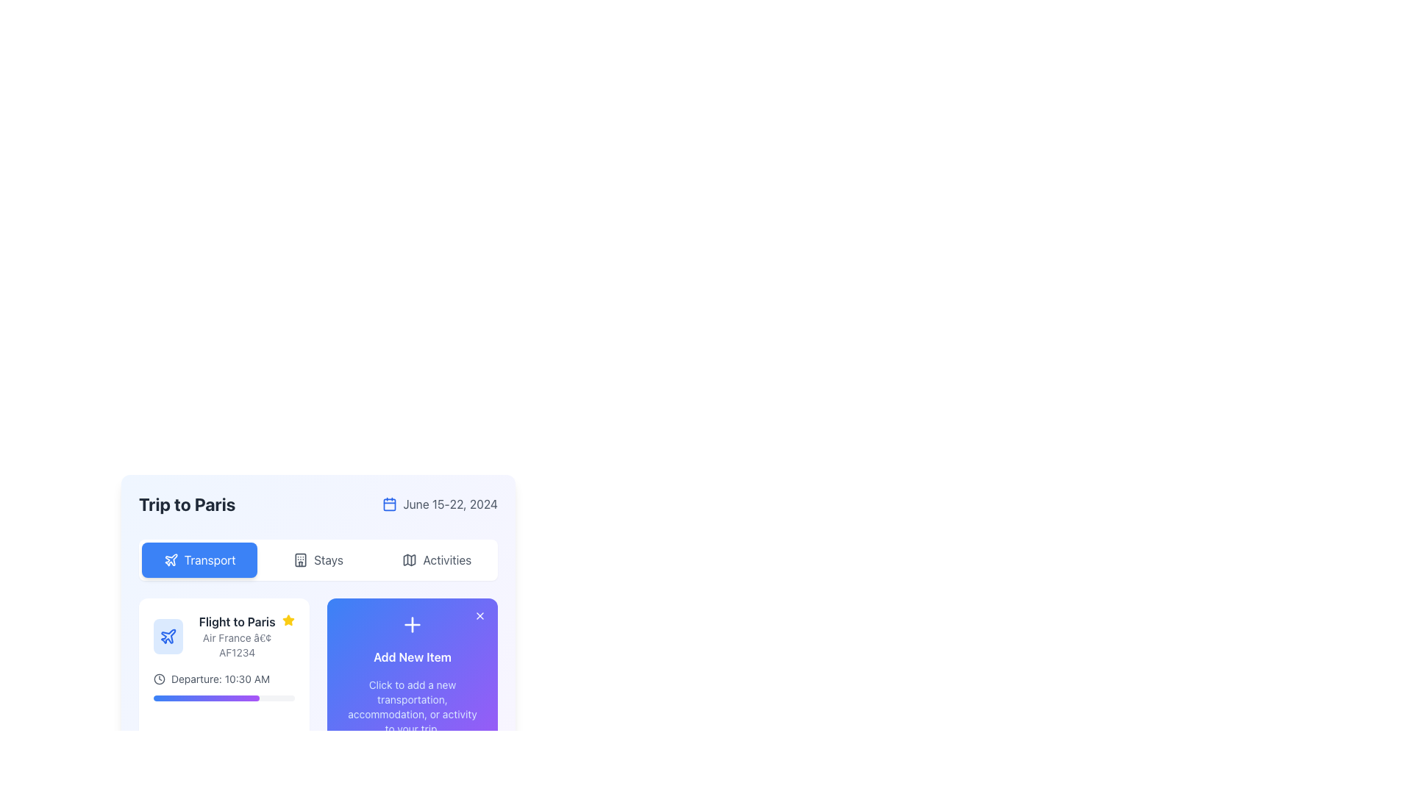 The image size is (1412, 794). I want to click on the star icon in the top-right corner of the 'Flight to Paris' card, so click(288, 620).